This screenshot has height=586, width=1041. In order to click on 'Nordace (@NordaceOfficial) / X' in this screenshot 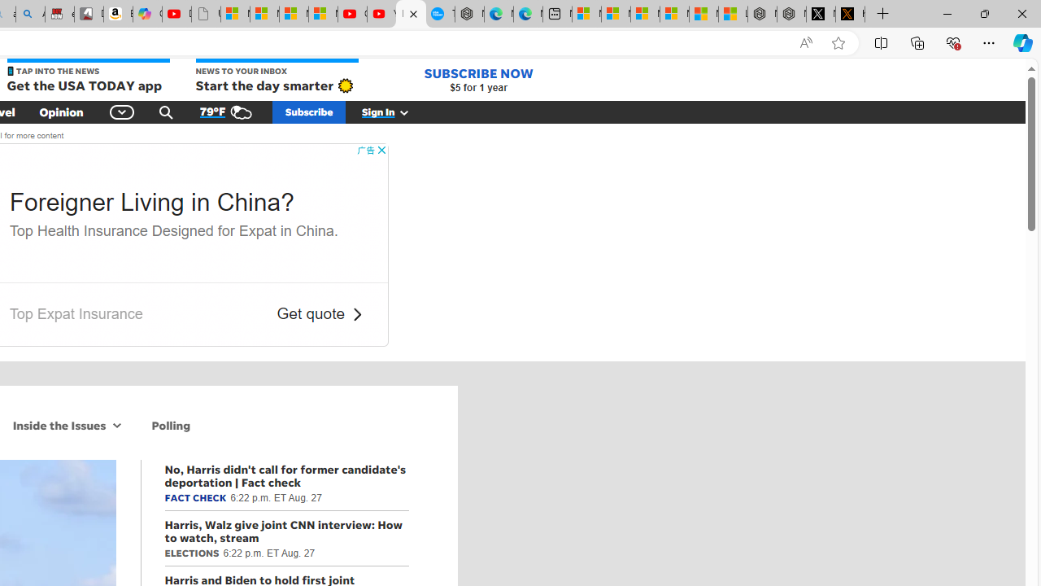, I will do `click(821, 14)`.